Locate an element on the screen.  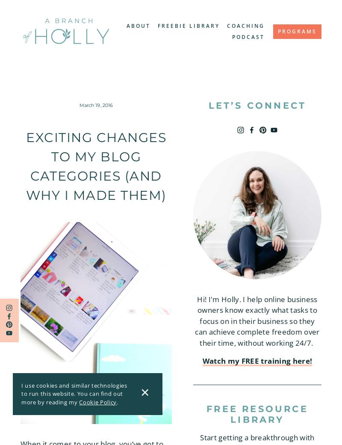
'let’s connect' is located at coordinates (208, 105).